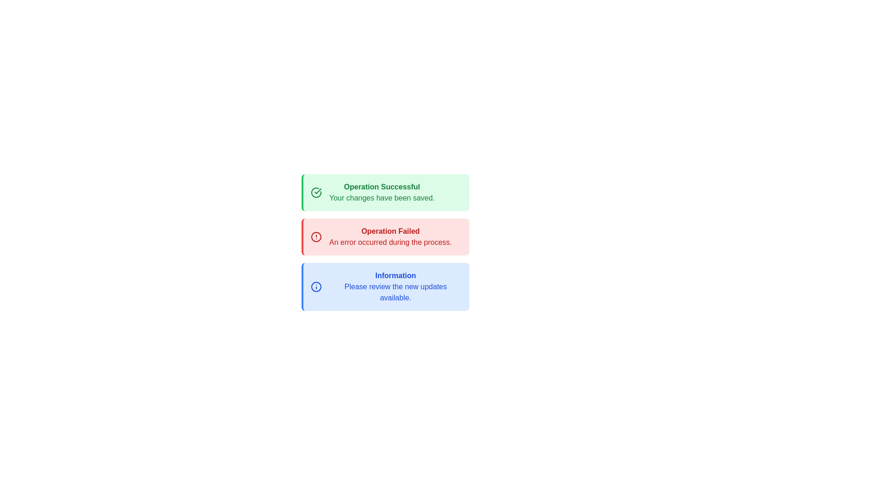 The width and height of the screenshot is (888, 499). What do you see at coordinates (390, 231) in the screenshot?
I see `the error notification title text label that displays 'An error occurred during the process', located within the red notification box, positioned between a green 'Operation Successful' box above and a blue 'Information' box below` at bounding box center [390, 231].